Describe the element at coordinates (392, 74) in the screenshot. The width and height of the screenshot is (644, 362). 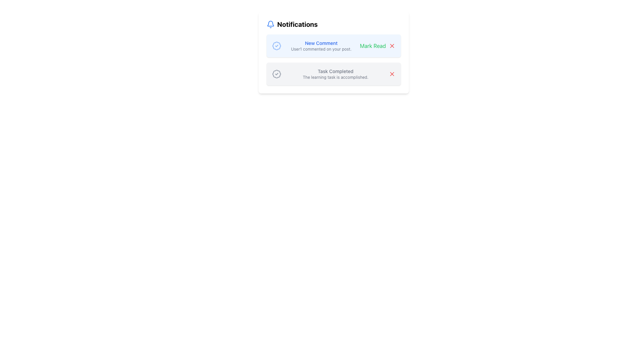
I see `the cross-shaped icon in the notifications area` at that location.